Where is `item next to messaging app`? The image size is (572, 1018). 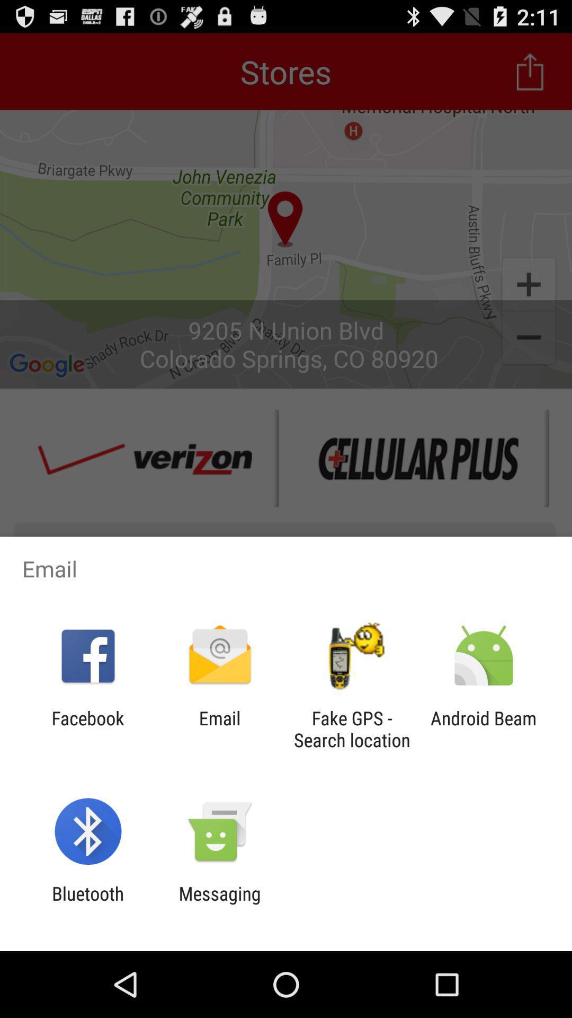 item next to messaging app is located at coordinates (87, 904).